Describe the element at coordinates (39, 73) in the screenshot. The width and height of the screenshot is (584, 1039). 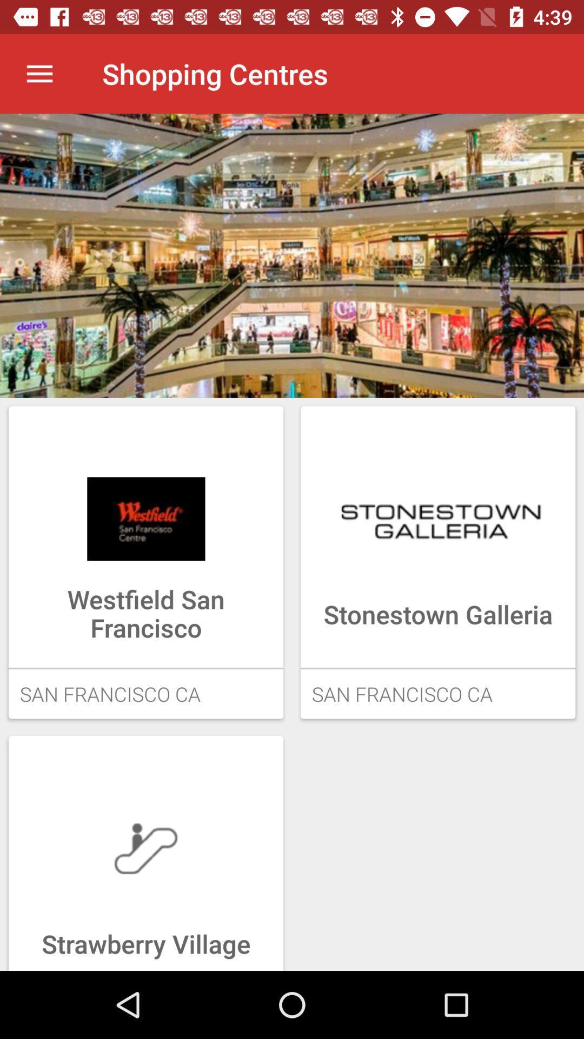
I see `the icon next to the shopping centres` at that location.